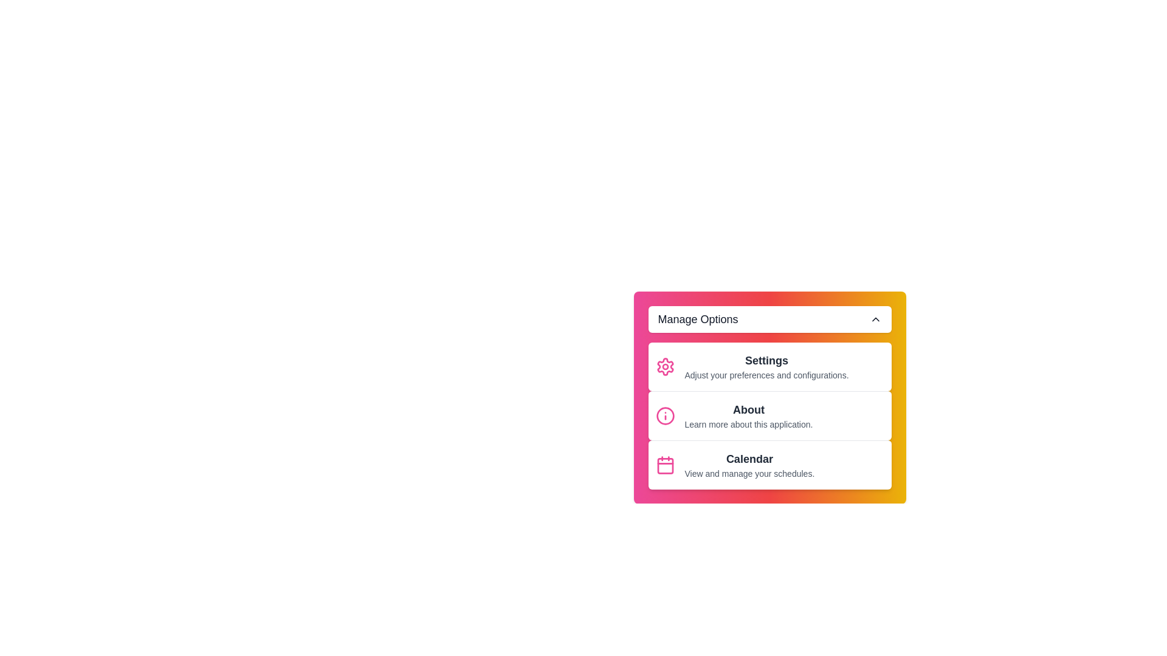 The width and height of the screenshot is (1167, 656). What do you see at coordinates (664, 465) in the screenshot?
I see `the icon for Calendar` at bounding box center [664, 465].